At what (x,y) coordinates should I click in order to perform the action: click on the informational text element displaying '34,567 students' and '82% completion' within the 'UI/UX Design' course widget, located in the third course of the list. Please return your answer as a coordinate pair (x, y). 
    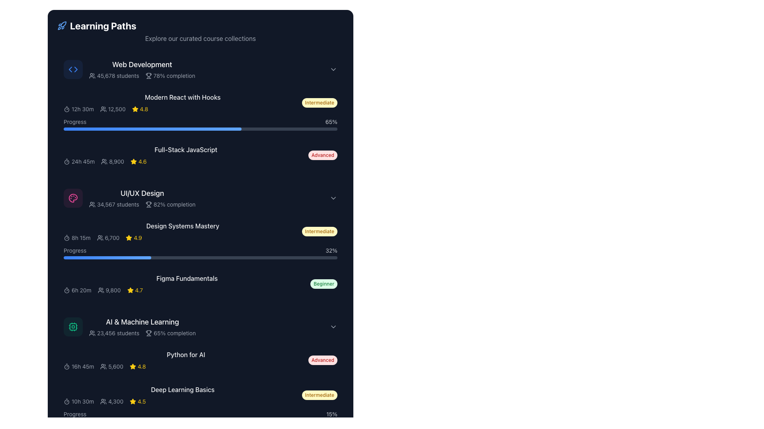
    Looking at the image, I should click on (142, 204).